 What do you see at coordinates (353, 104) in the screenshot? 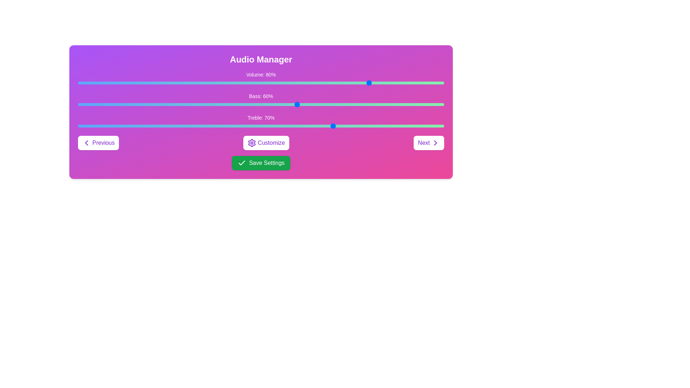
I see `the bass level` at bounding box center [353, 104].